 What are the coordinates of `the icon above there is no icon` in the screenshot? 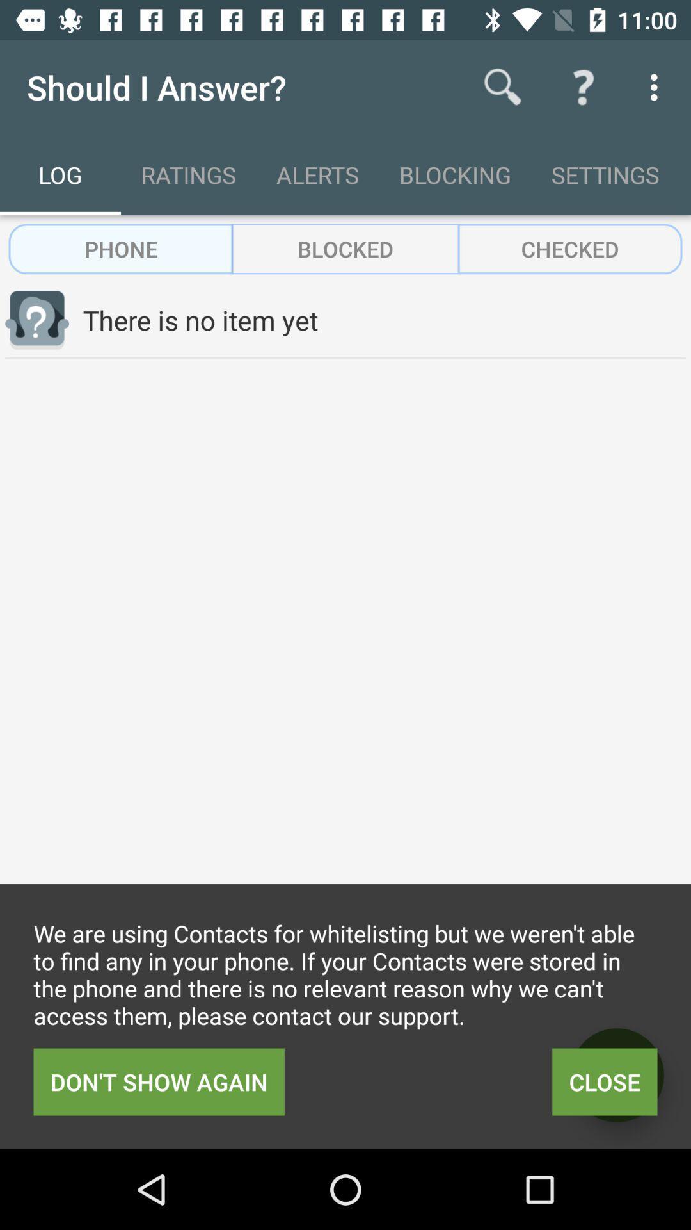 It's located at (345, 249).